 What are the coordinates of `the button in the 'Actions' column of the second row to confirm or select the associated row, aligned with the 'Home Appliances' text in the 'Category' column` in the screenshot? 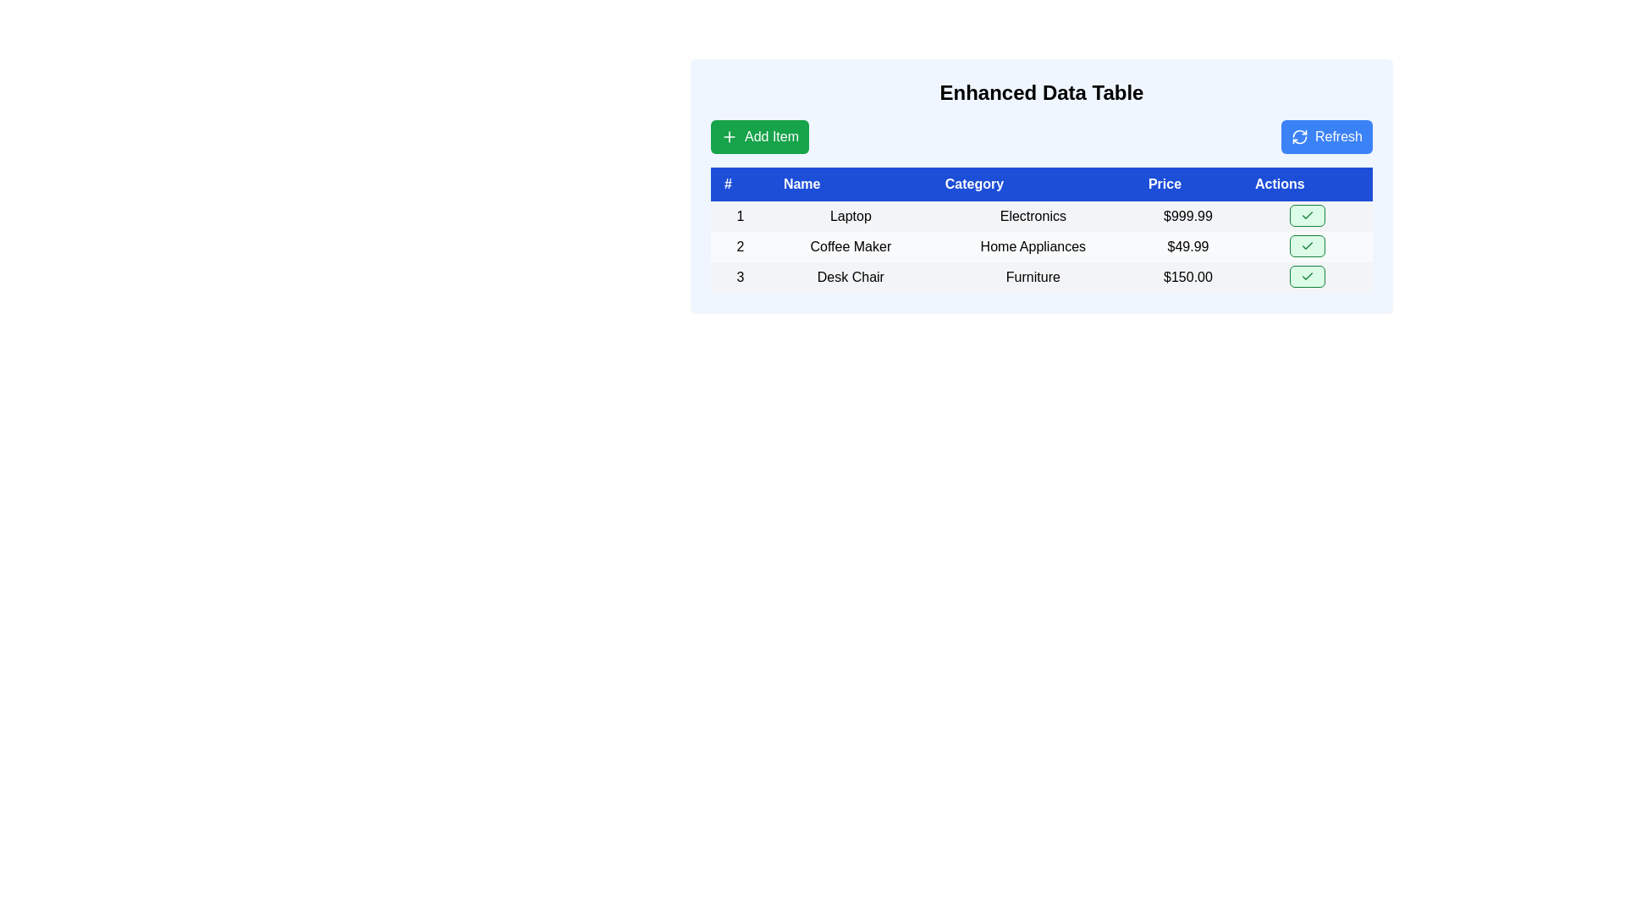 It's located at (1306, 245).